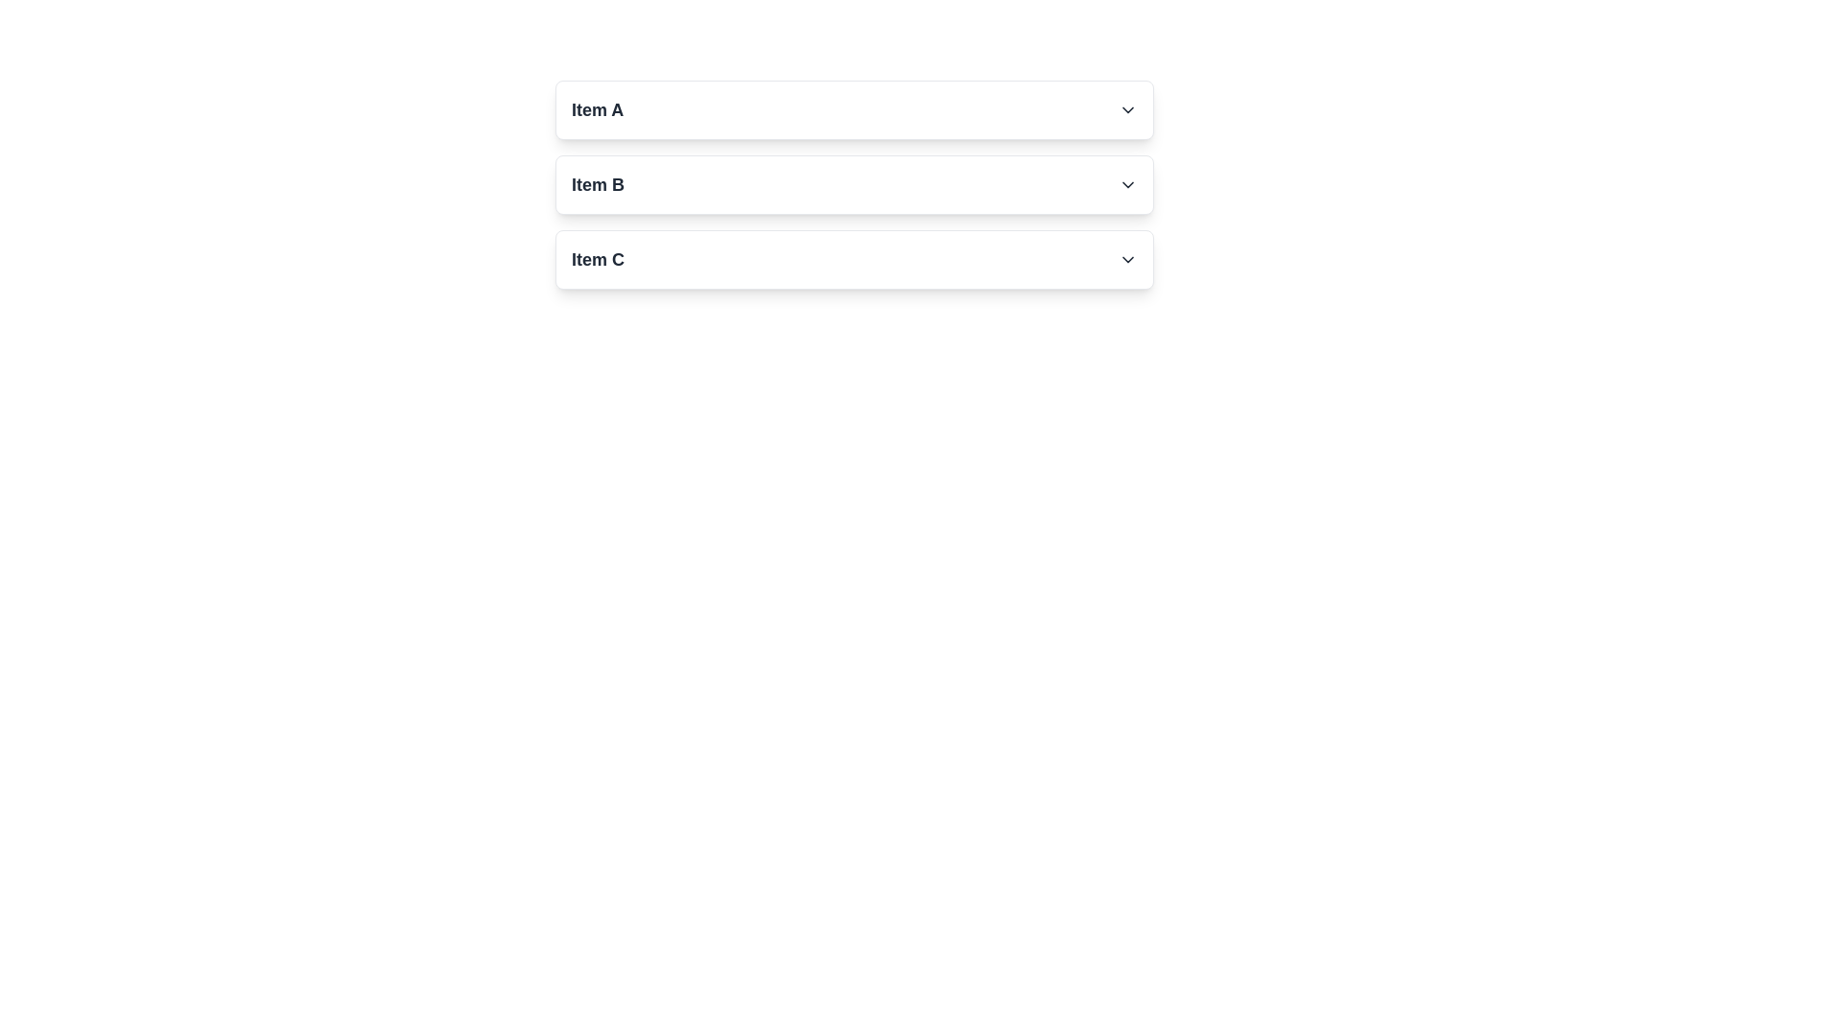 Image resolution: width=1842 pixels, height=1036 pixels. What do you see at coordinates (597, 184) in the screenshot?
I see `the Text label containing bold text 'Item B' styled in a sans-serif font, located within a white rectangular area` at bounding box center [597, 184].